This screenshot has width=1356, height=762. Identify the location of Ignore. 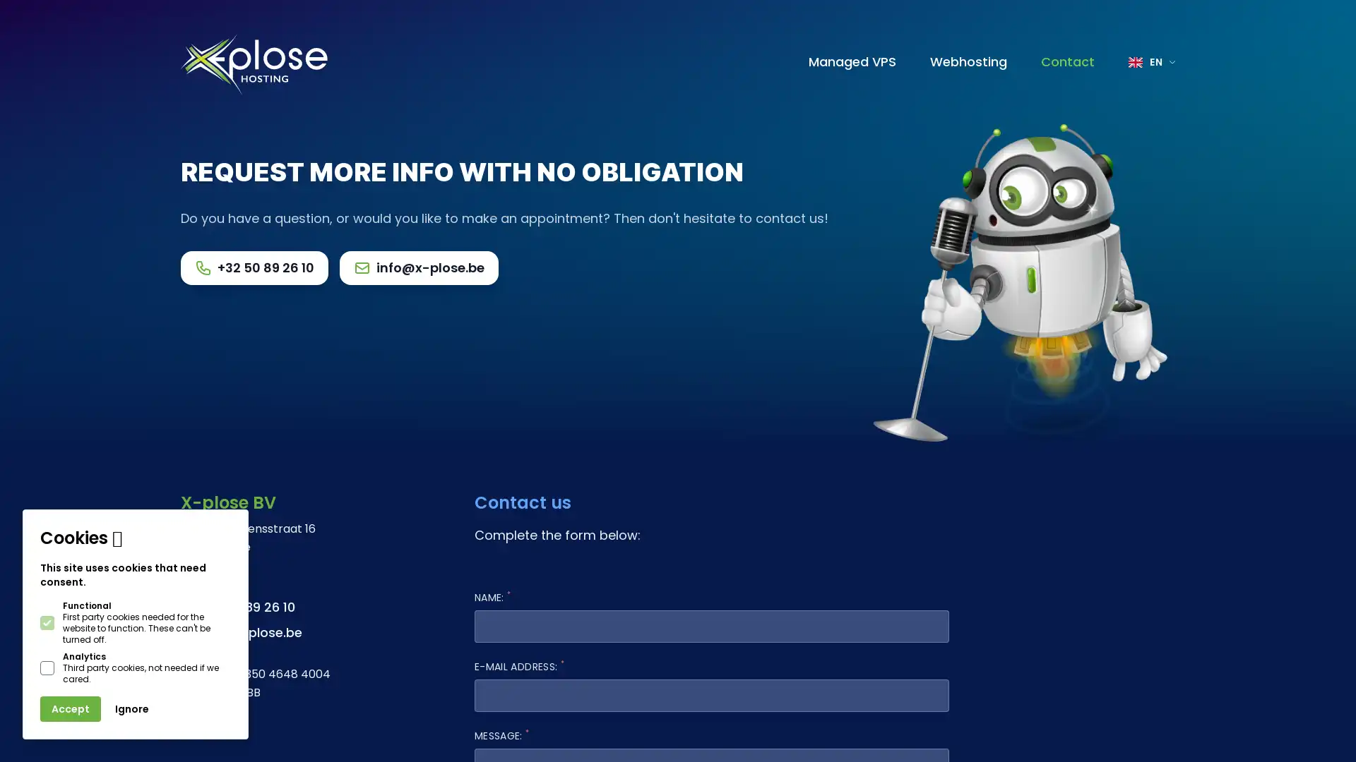
(132, 709).